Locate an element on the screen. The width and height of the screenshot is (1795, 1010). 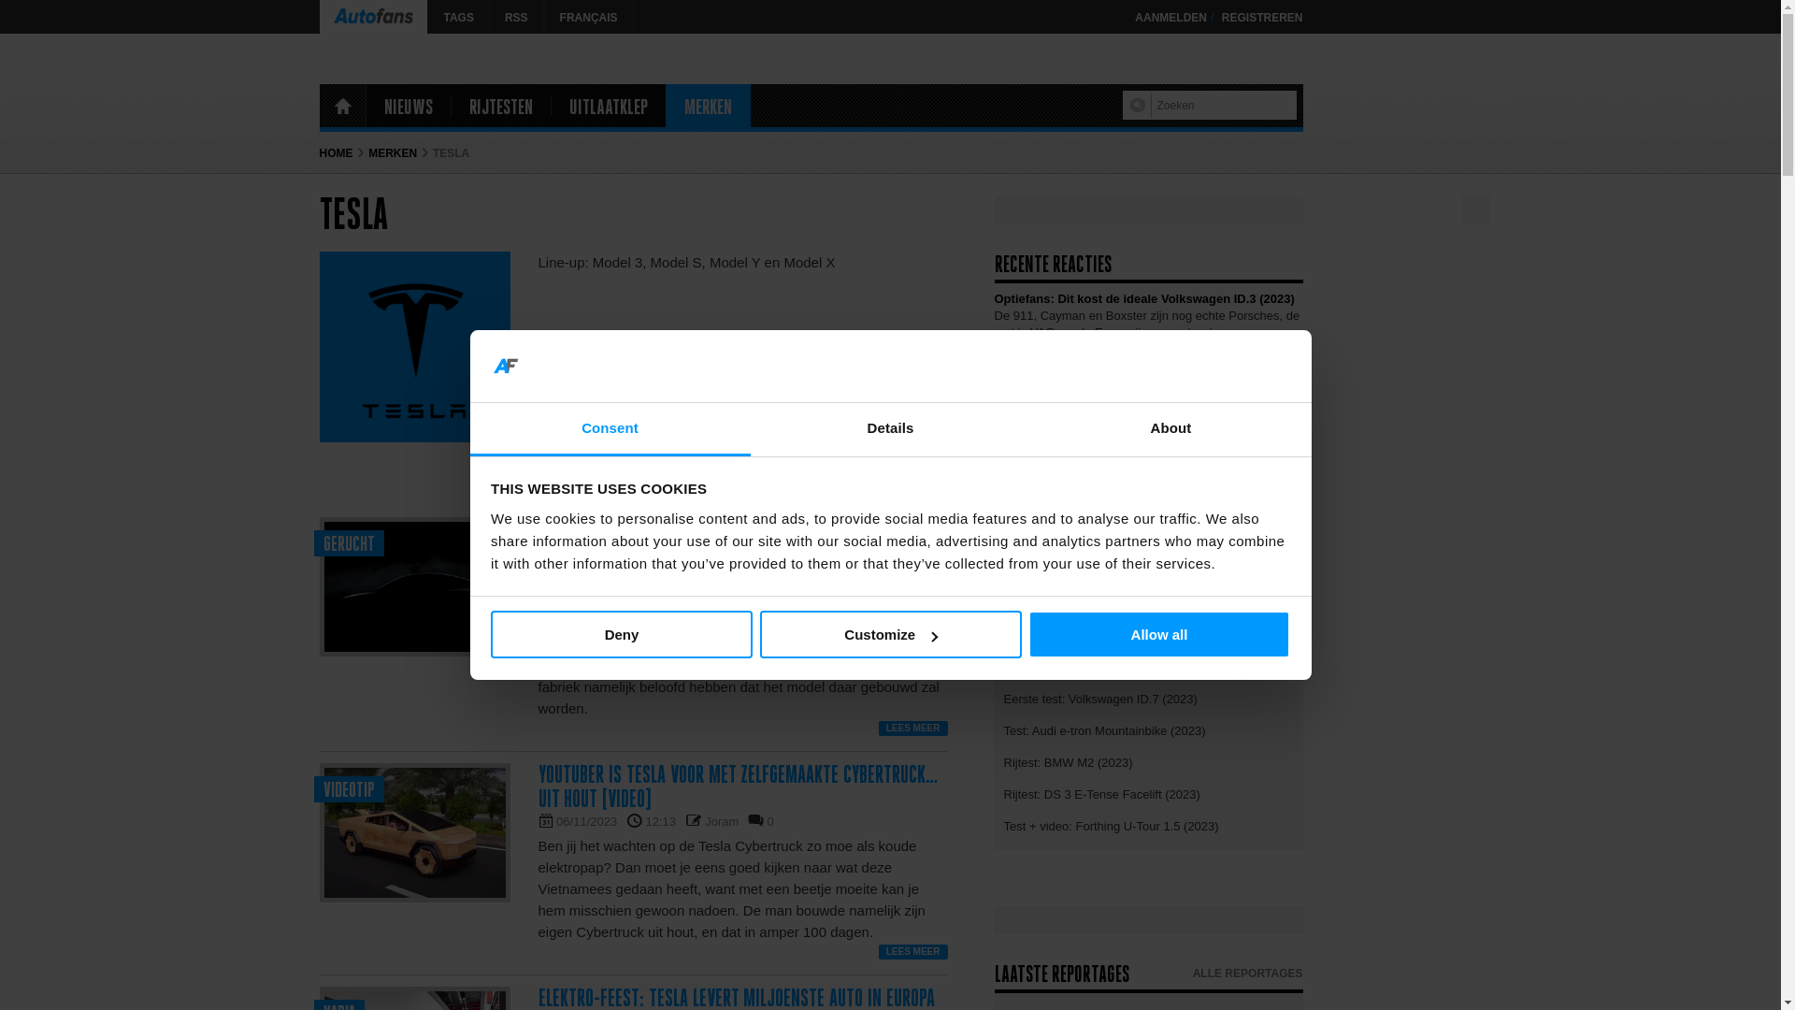
'HOME' is located at coordinates (342, 105).